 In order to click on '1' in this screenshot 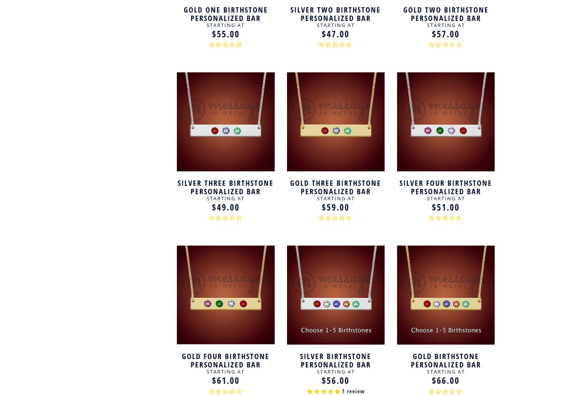, I will do `click(343, 391)`.